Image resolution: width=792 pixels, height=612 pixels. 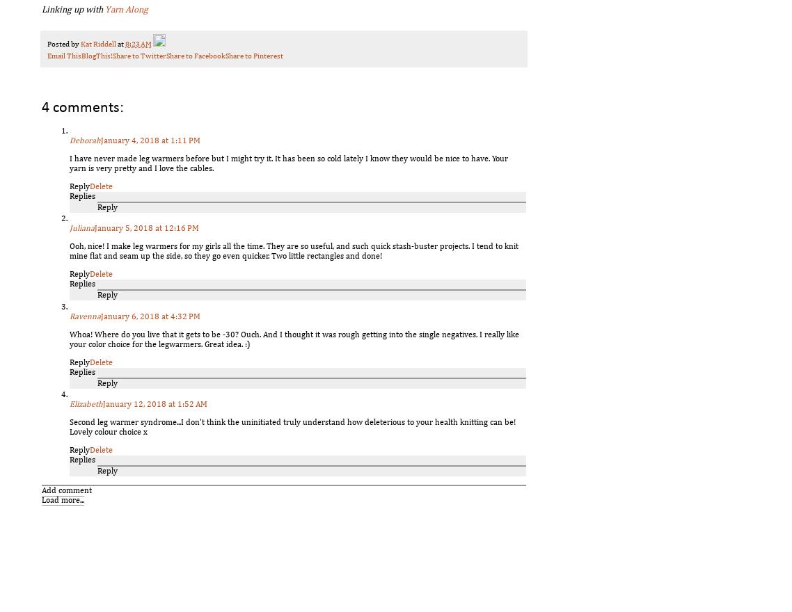 I want to click on 'January 6, 2018 at 4:32 PM', so click(x=150, y=315).